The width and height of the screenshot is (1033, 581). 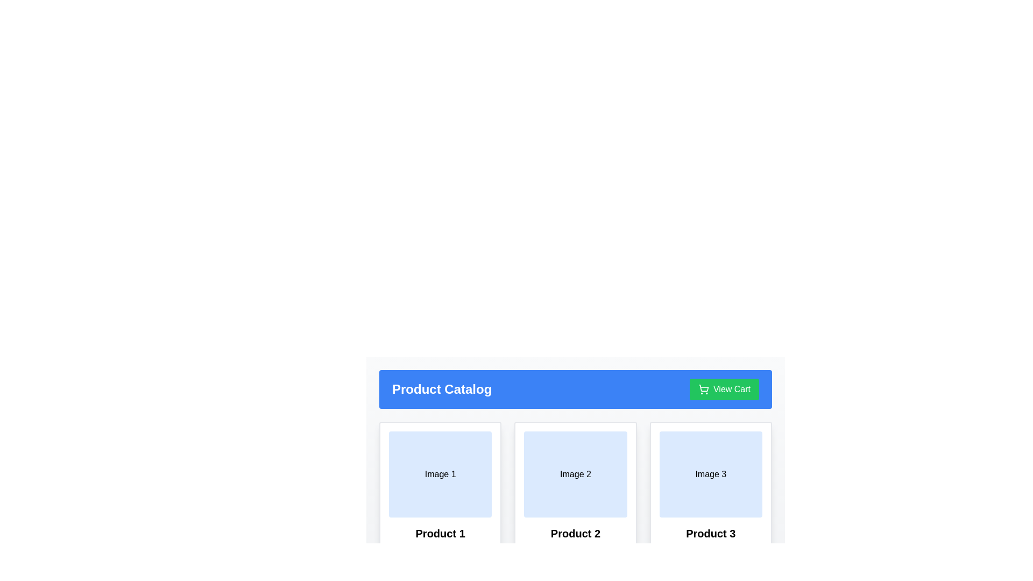 I want to click on the blue rectangular image placeholder labeled 'Image 3' at the top of the 'Product 3' card to inspect it, so click(x=711, y=474).